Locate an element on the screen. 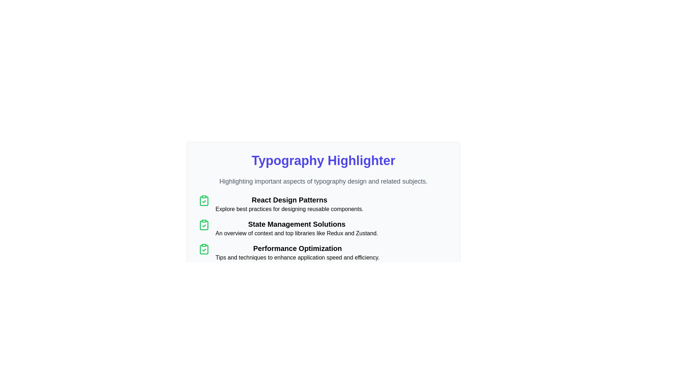 The width and height of the screenshot is (684, 385). the green clipboard-shaped icon located to the left of the 'React Design Patterns' text is located at coordinates (203, 201).